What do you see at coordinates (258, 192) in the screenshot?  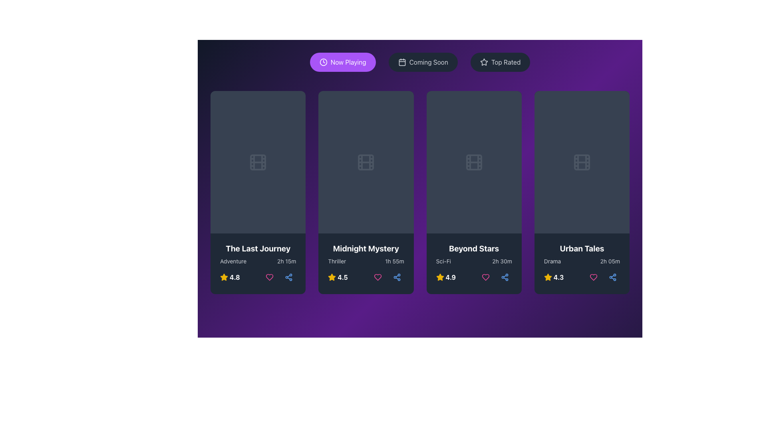 I see `to select the first media card in the grid layout labeled 'Now Playing', which displays the title, genre, duration, and rating` at bounding box center [258, 192].